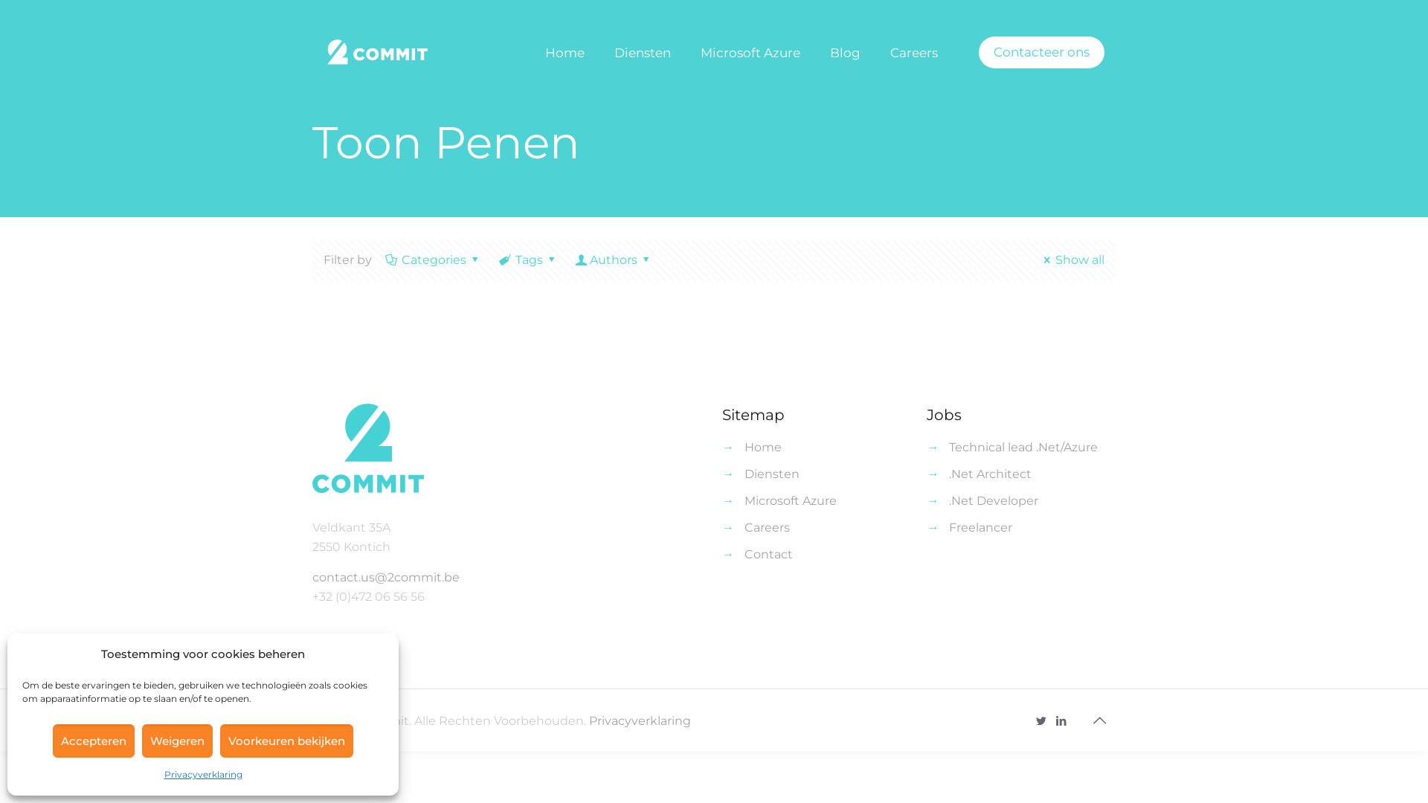  Describe the element at coordinates (640, 720) in the screenshot. I see `'Privacyverklaring'` at that location.